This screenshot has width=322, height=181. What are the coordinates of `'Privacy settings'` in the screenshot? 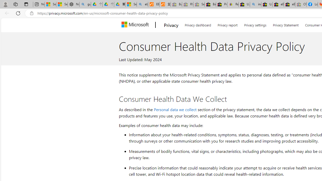 It's located at (255, 24).